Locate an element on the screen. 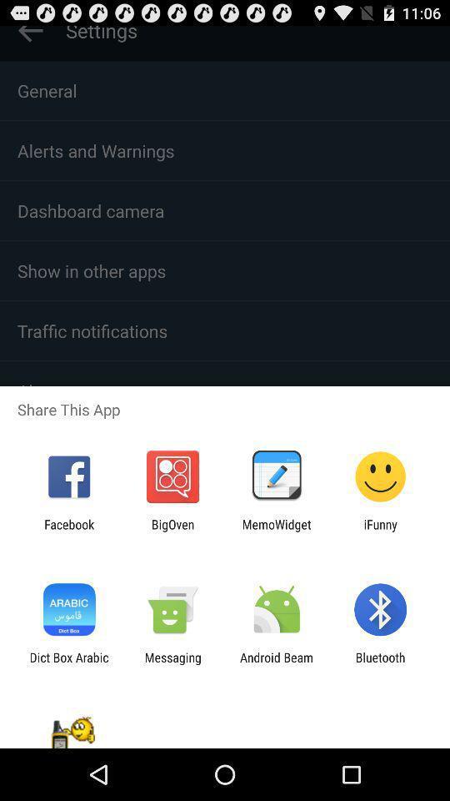  the icon to the left of the ifunny is located at coordinates (277, 531).